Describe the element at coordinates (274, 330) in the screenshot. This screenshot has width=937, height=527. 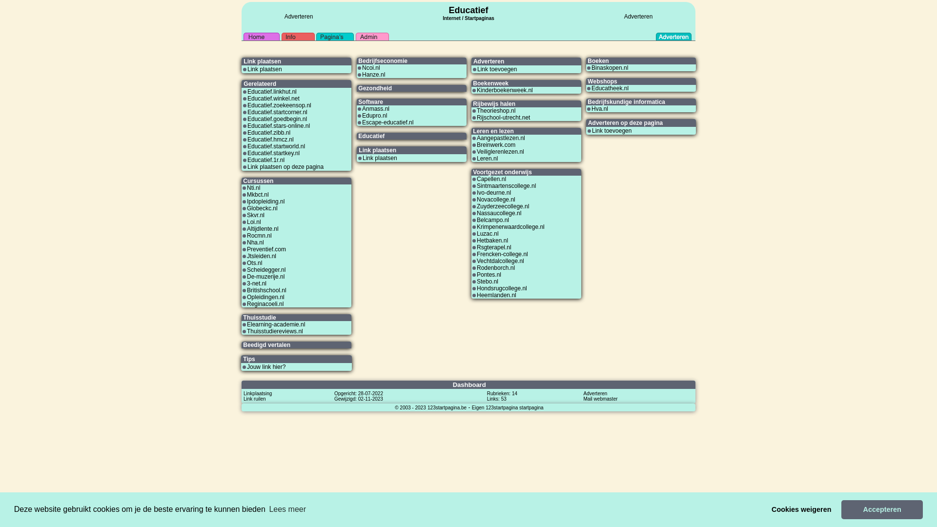
I see `'Thuisstudiereviews.nl'` at that location.